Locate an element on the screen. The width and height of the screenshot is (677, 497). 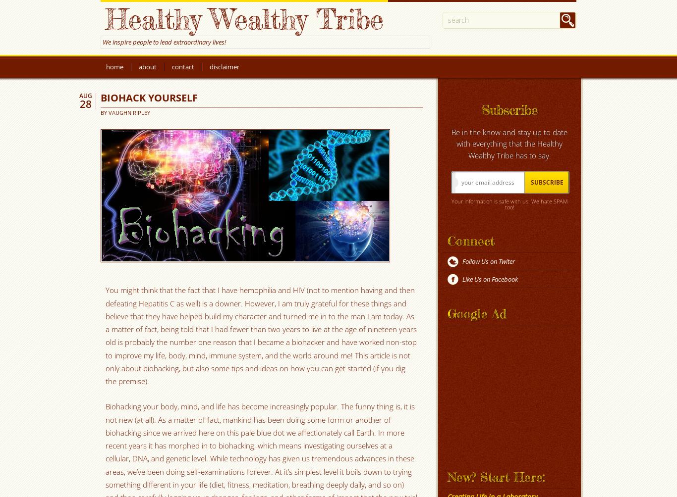
'By' is located at coordinates (100, 112).